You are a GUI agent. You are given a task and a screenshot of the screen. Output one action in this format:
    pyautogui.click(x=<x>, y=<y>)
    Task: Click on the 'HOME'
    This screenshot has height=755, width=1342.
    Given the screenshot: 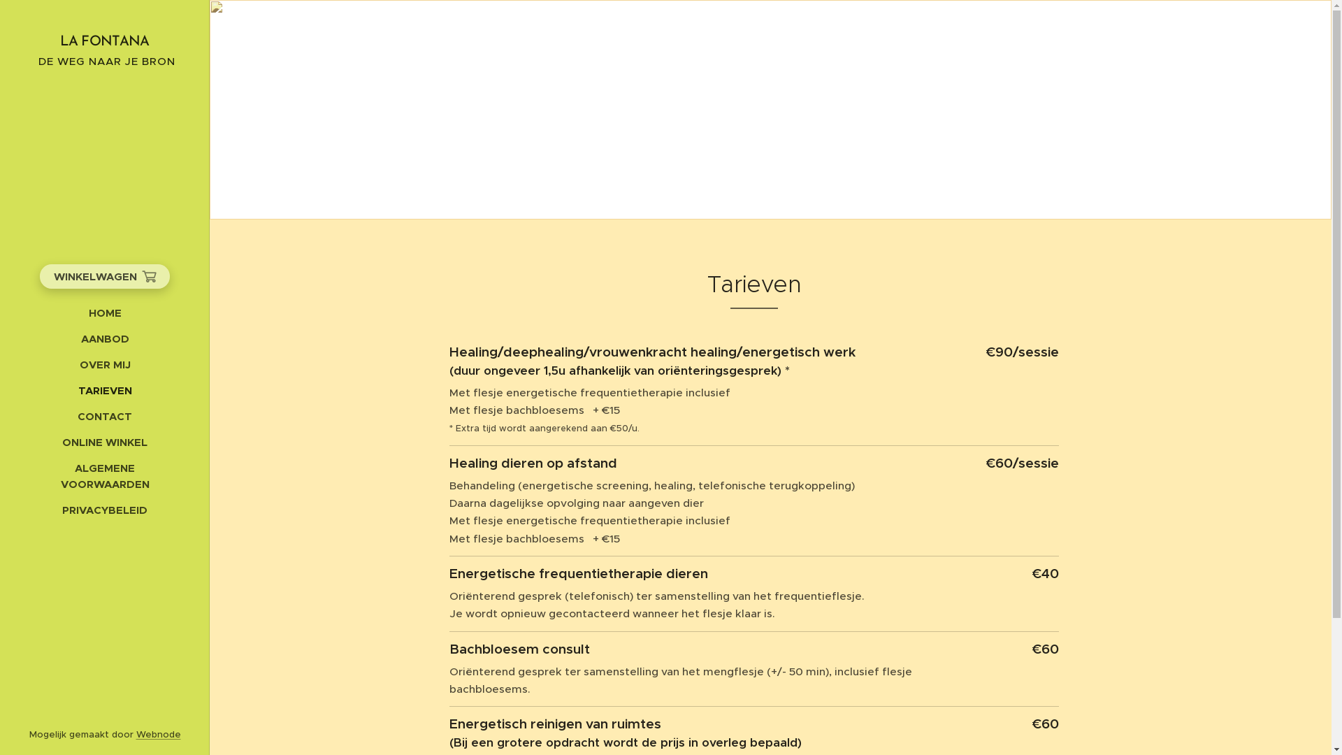 What is the action you would take?
    pyautogui.click(x=103, y=312)
    